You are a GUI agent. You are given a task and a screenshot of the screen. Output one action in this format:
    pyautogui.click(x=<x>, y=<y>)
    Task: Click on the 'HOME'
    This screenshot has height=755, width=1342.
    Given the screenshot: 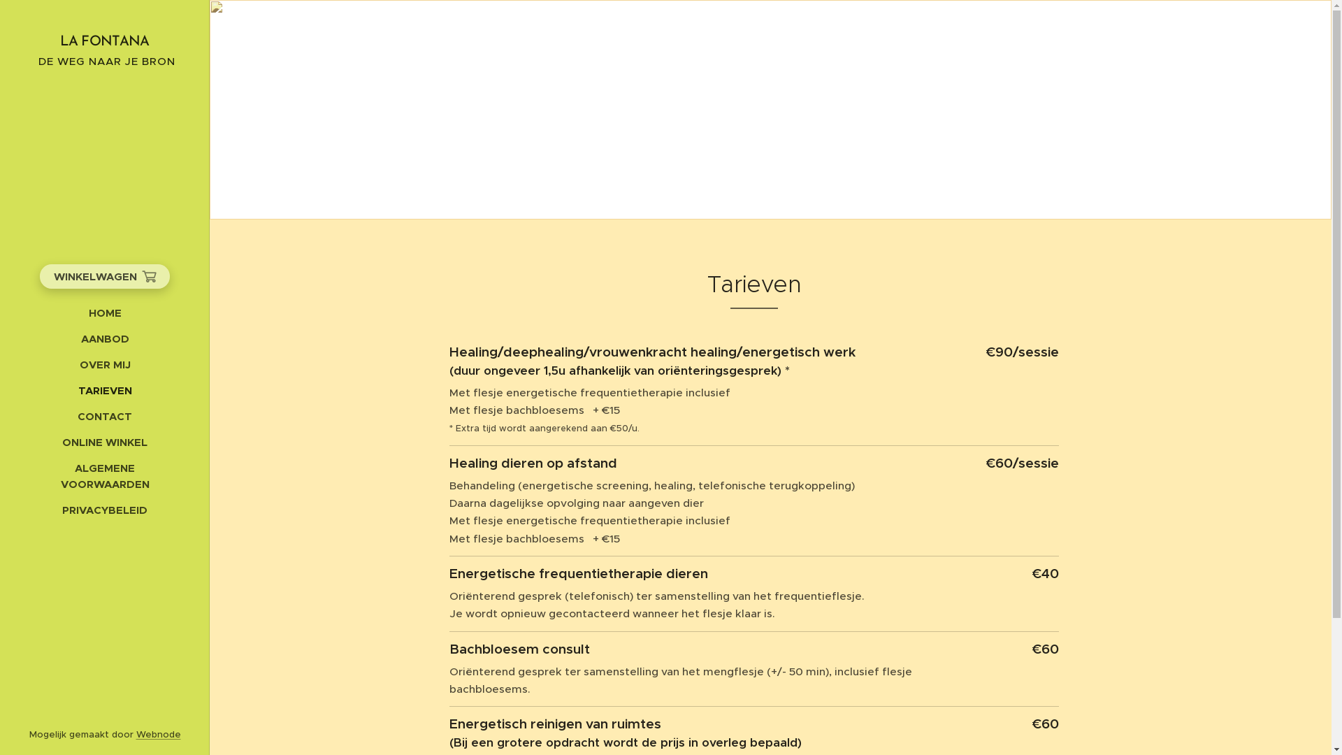 What is the action you would take?
    pyautogui.click(x=103, y=312)
    